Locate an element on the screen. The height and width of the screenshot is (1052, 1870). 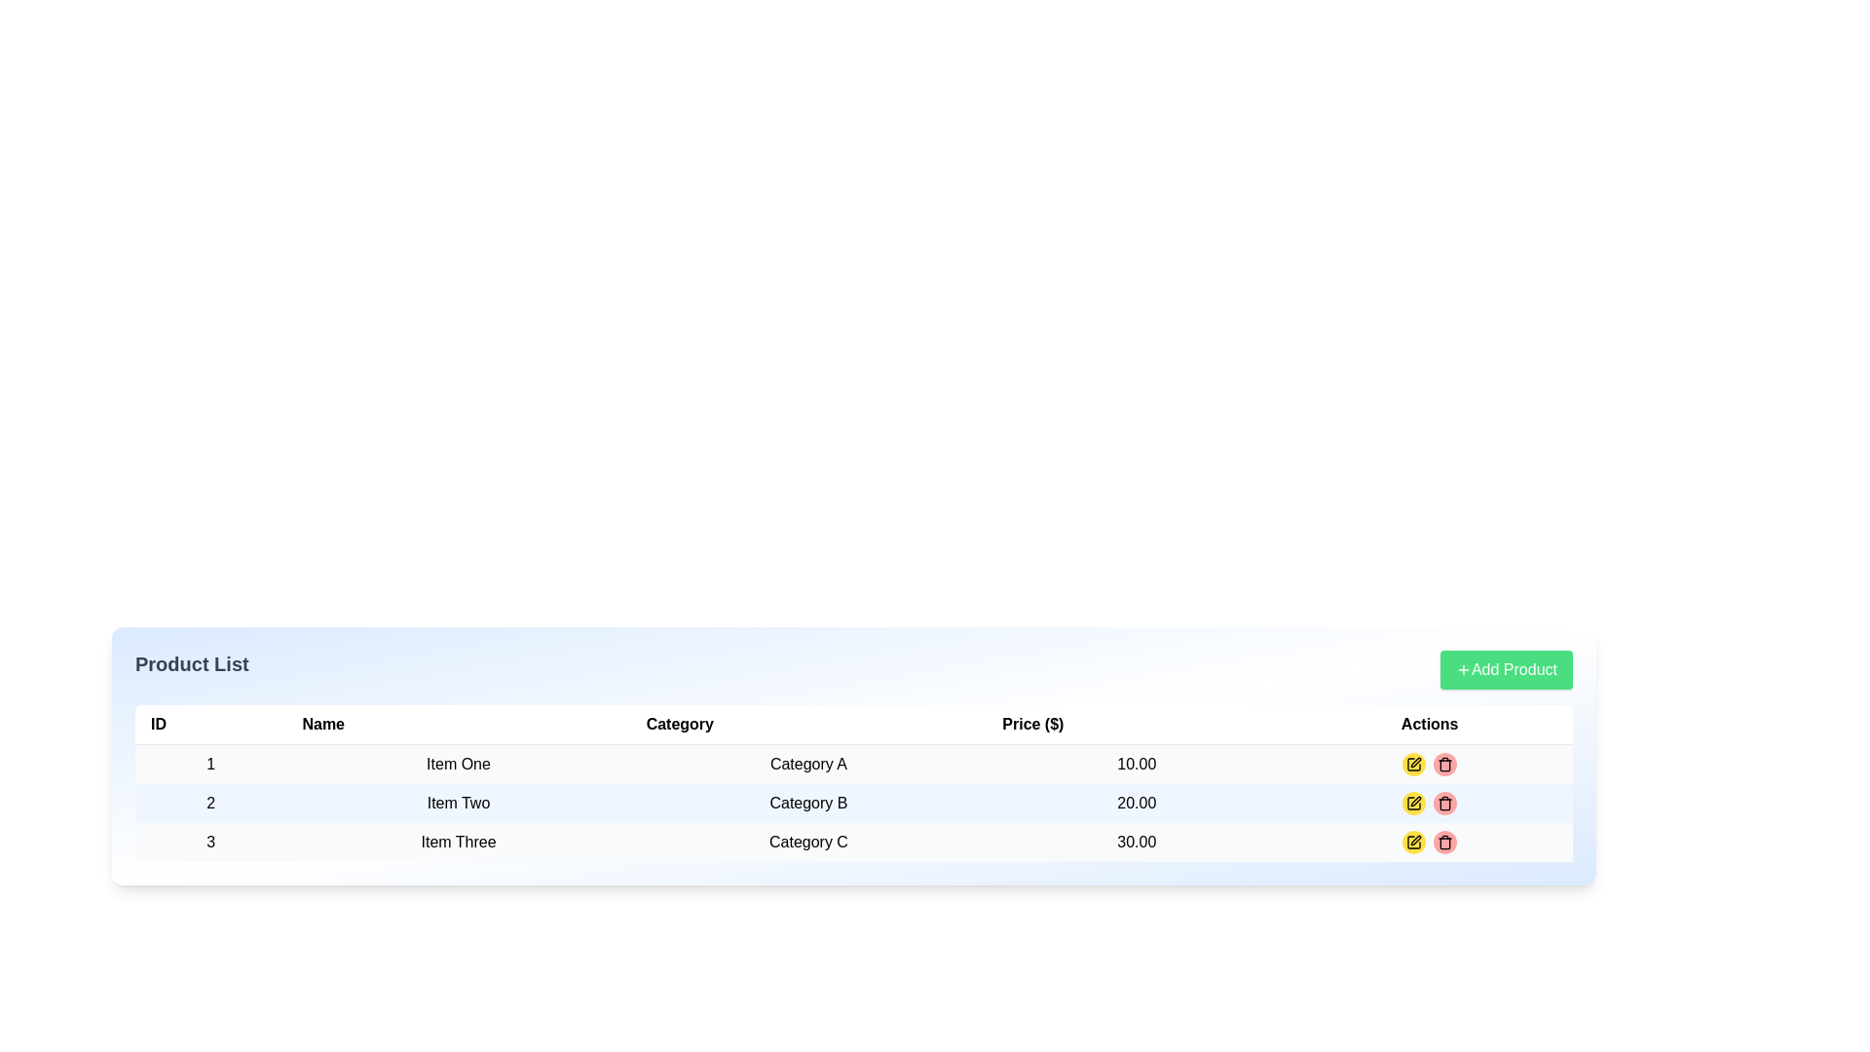
the delete icon located in the 'Actions' column of the table, next to 'Item Three', to perform a hover action is located at coordinates (1445, 843).